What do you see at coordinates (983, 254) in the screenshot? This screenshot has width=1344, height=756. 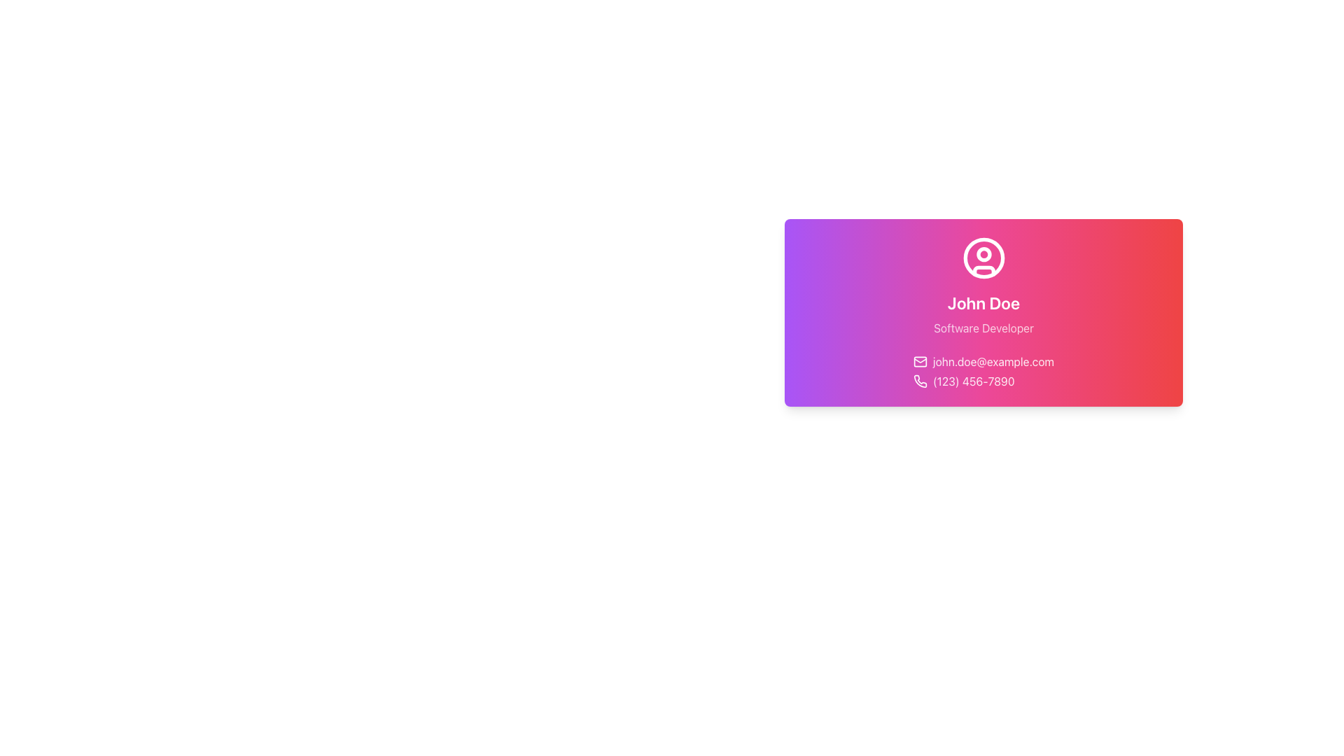 I see `the small circular graphic element located at the top center of the larger circular icon on the card interface` at bounding box center [983, 254].